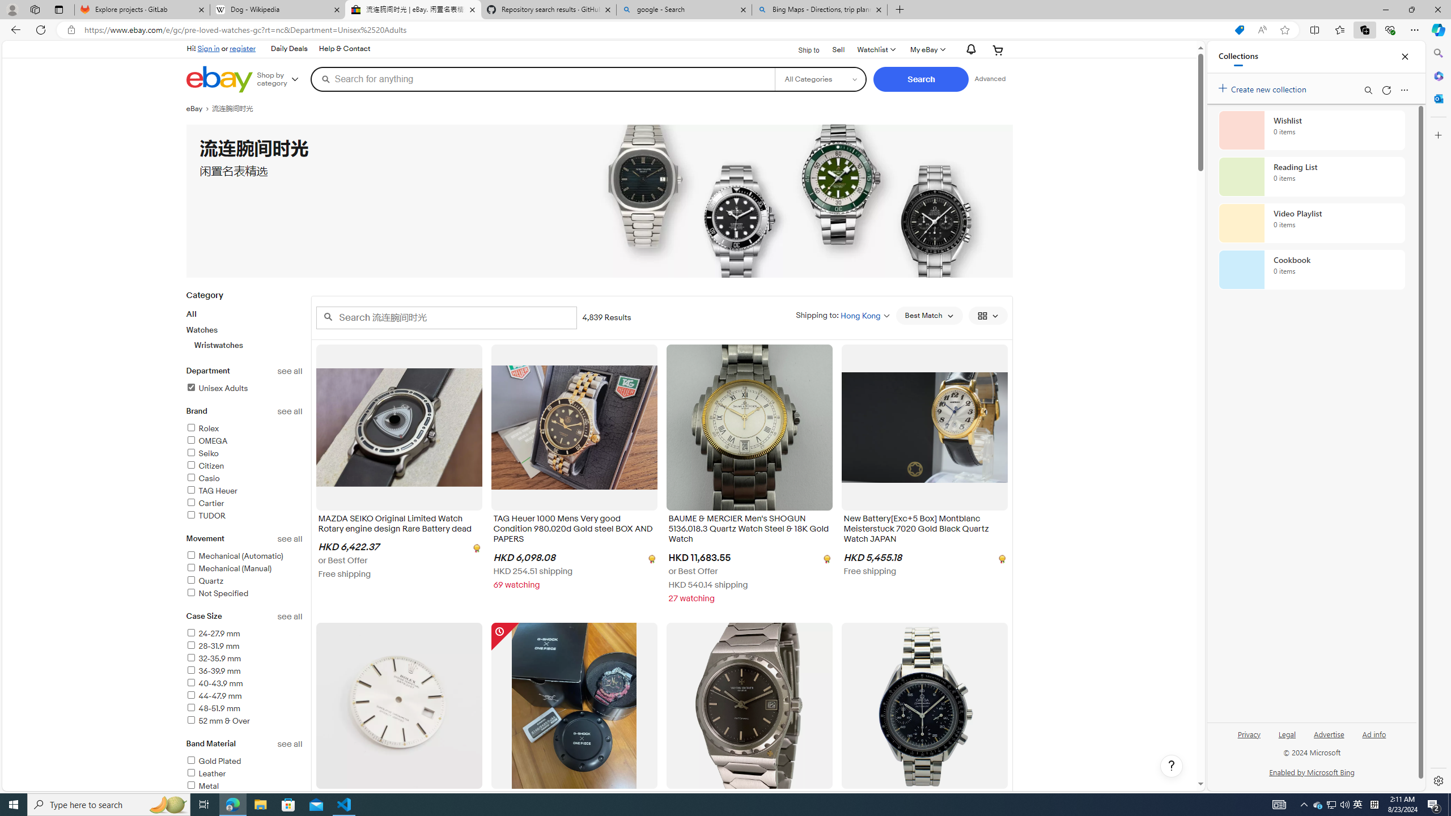  Describe the element at coordinates (217, 593) in the screenshot. I see `'Not Specified'` at that location.